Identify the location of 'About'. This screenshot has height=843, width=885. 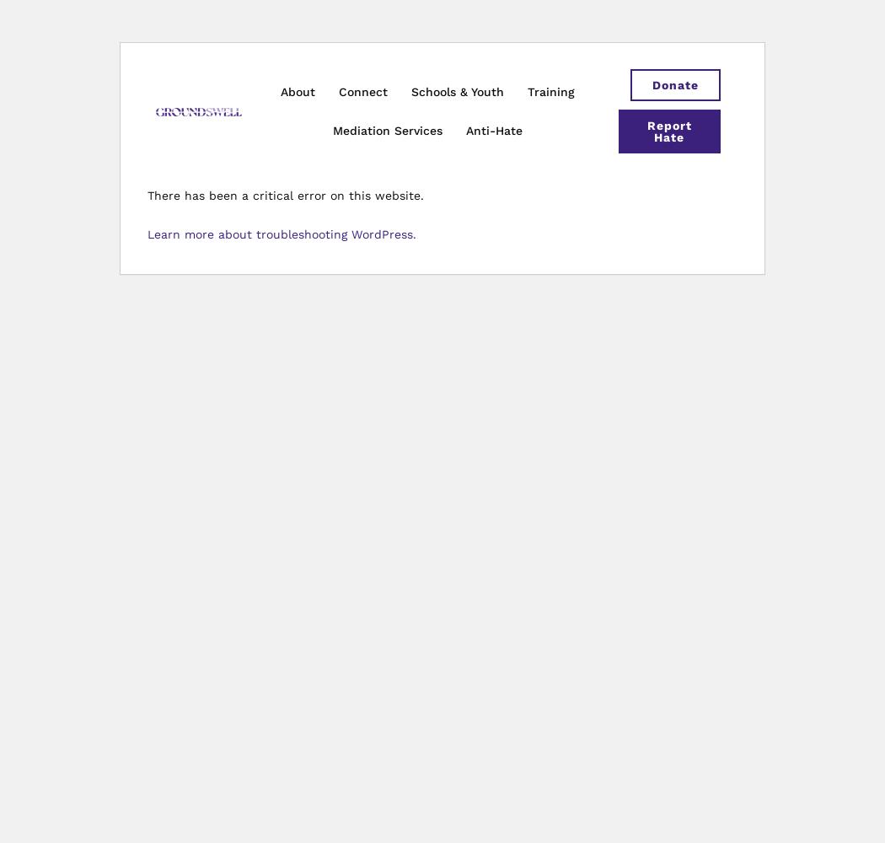
(297, 91).